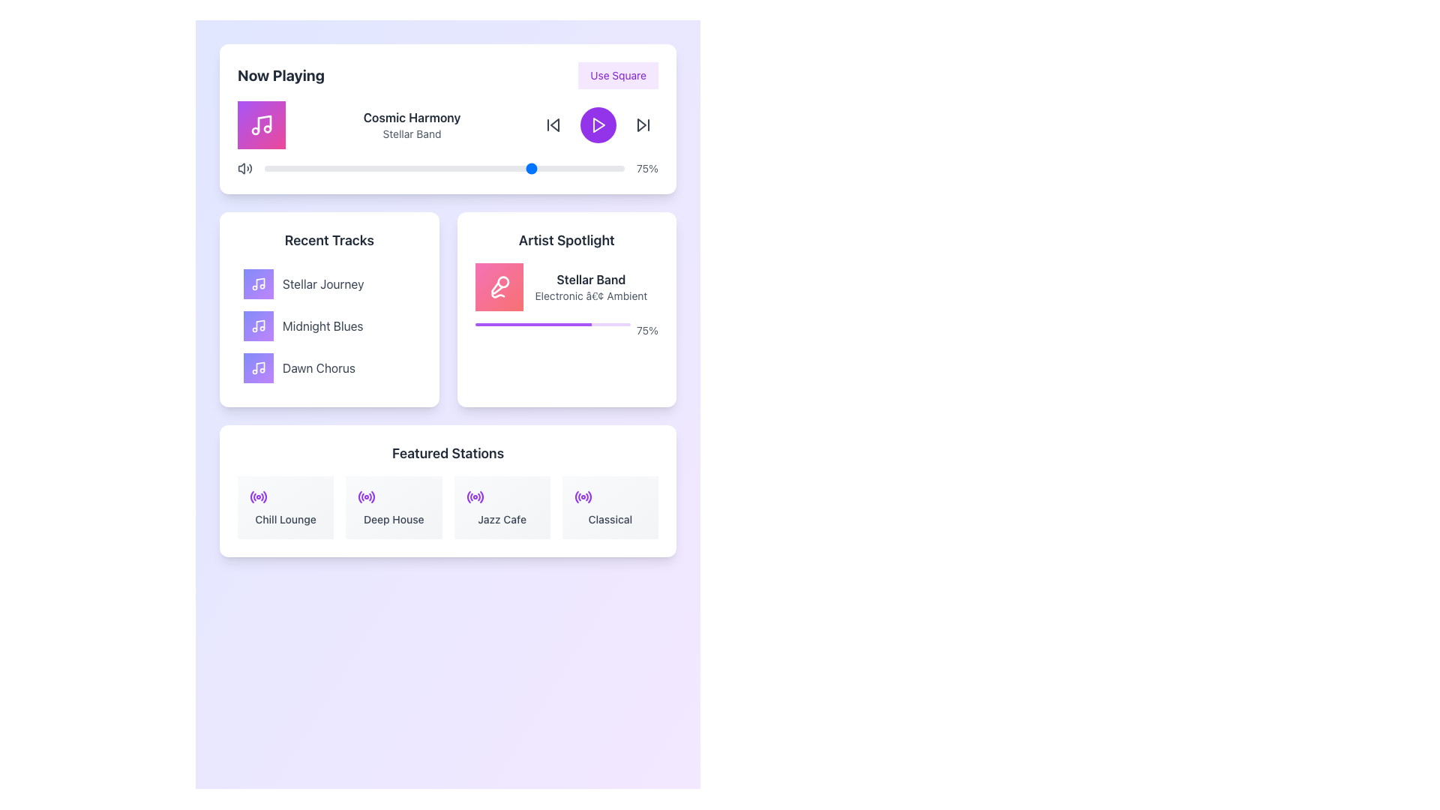 This screenshot has height=810, width=1440. What do you see at coordinates (259, 325) in the screenshot?
I see `the music note icon located in the 'Recent Tracks' section, which is the second element in the vertical list and is near the text labeled 'Midnight Blues'` at bounding box center [259, 325].